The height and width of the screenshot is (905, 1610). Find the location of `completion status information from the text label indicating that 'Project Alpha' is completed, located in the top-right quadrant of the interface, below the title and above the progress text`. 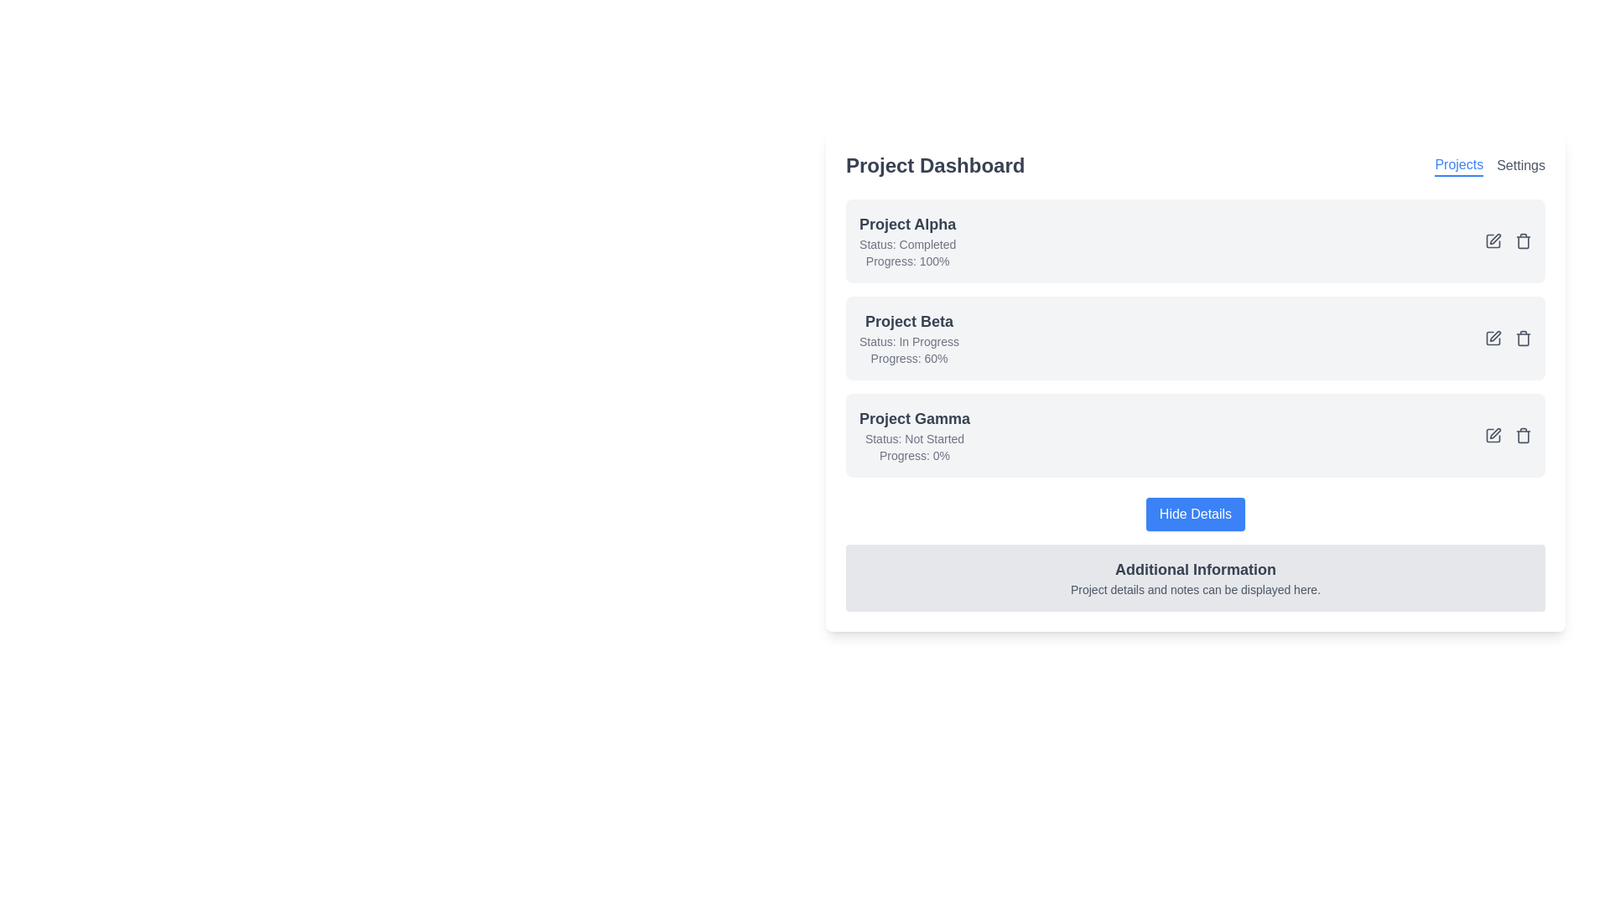

completion status information from the text label indicating that 'Project Alpha' is completed, located in the top-right quadrant of the interface, below the title and above the progress text is located at coordinates (906, 245).